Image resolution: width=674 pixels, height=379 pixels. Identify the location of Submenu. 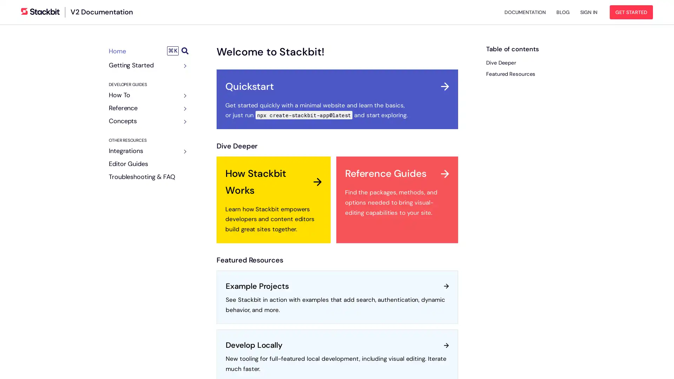
(183, 66).